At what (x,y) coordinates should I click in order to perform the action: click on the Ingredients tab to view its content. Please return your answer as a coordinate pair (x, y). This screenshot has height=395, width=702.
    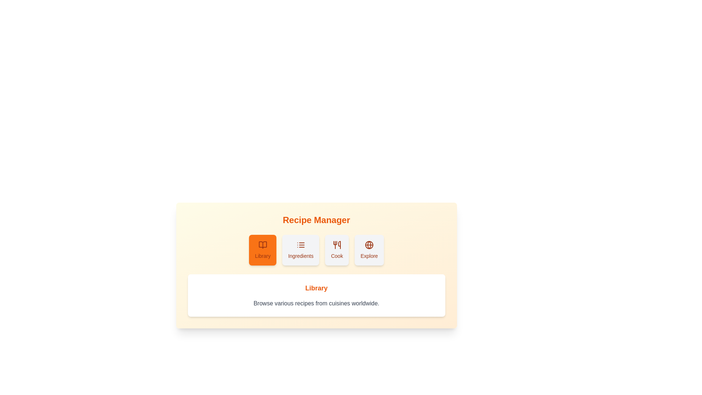
    Looking at the image, I should click on (300, 249).